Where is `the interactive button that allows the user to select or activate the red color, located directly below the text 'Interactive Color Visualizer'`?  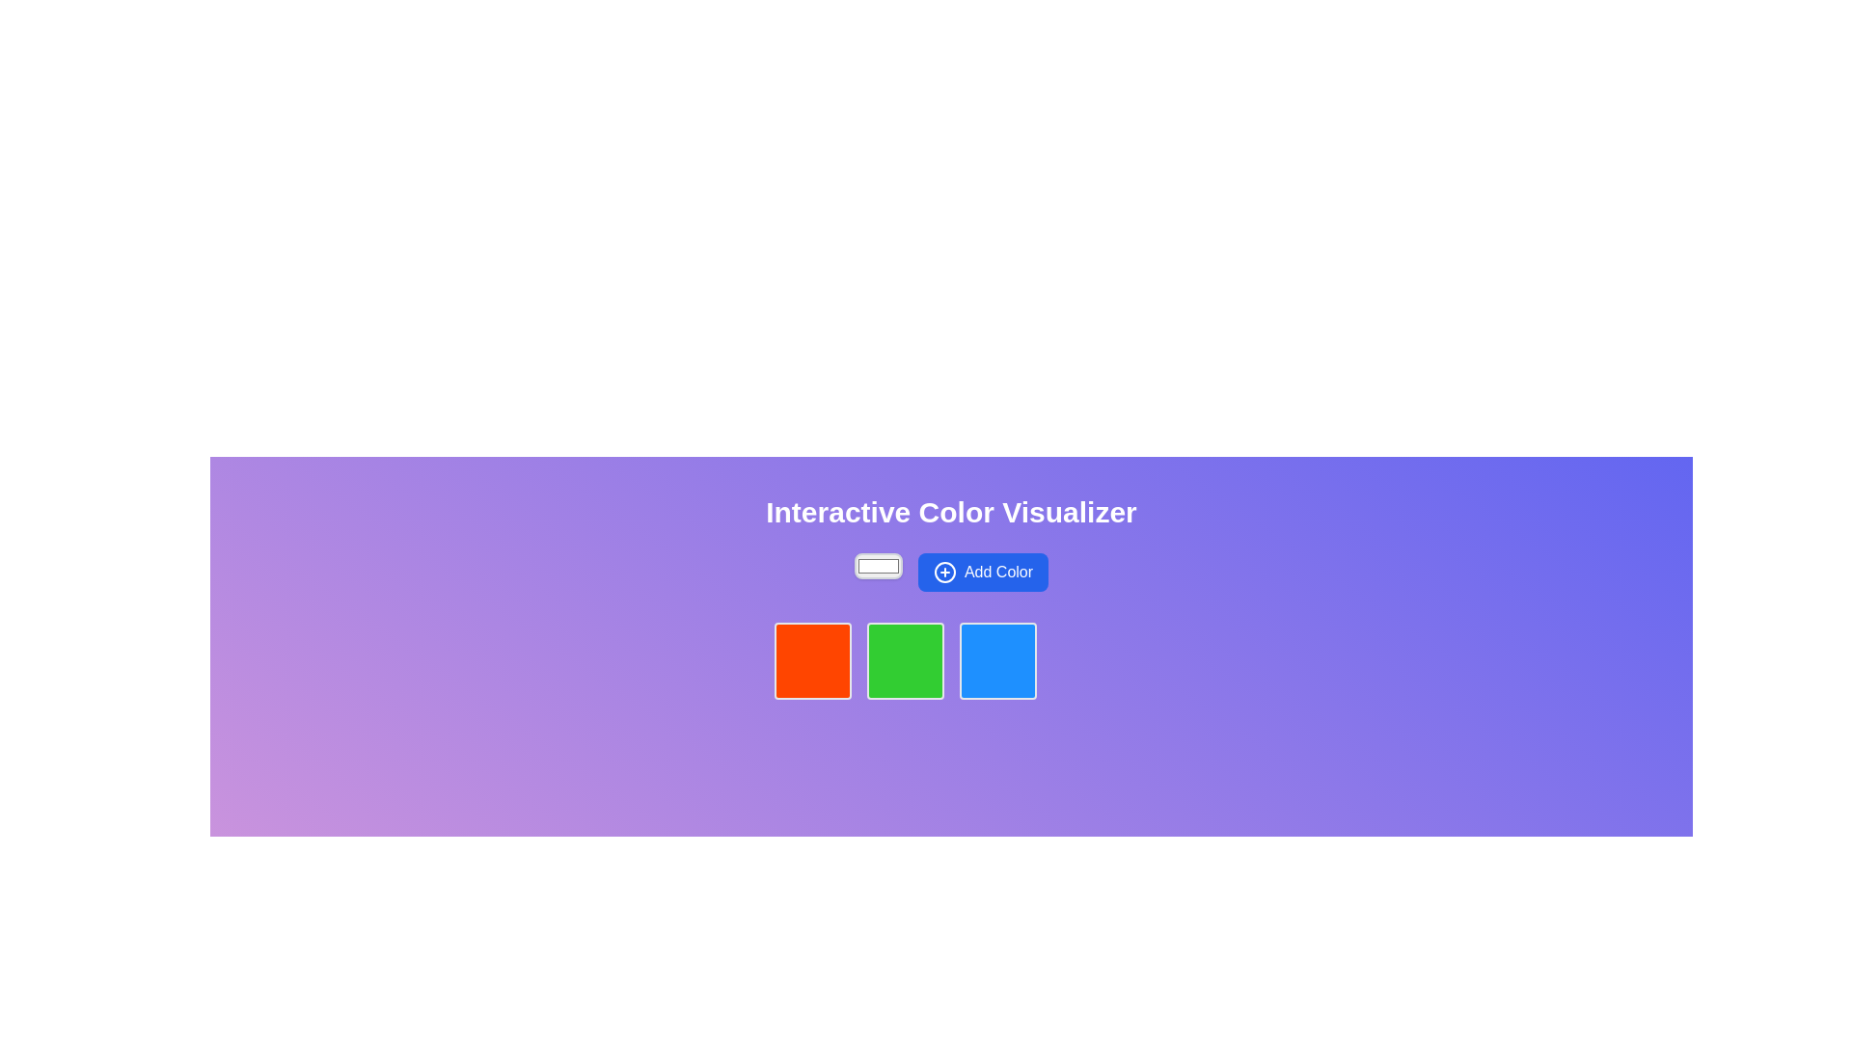 the interactive button that allows the user to select or activate the red color, located directly below the text 'Interactive Color Visualizer' is located at coordinates (812, 660).